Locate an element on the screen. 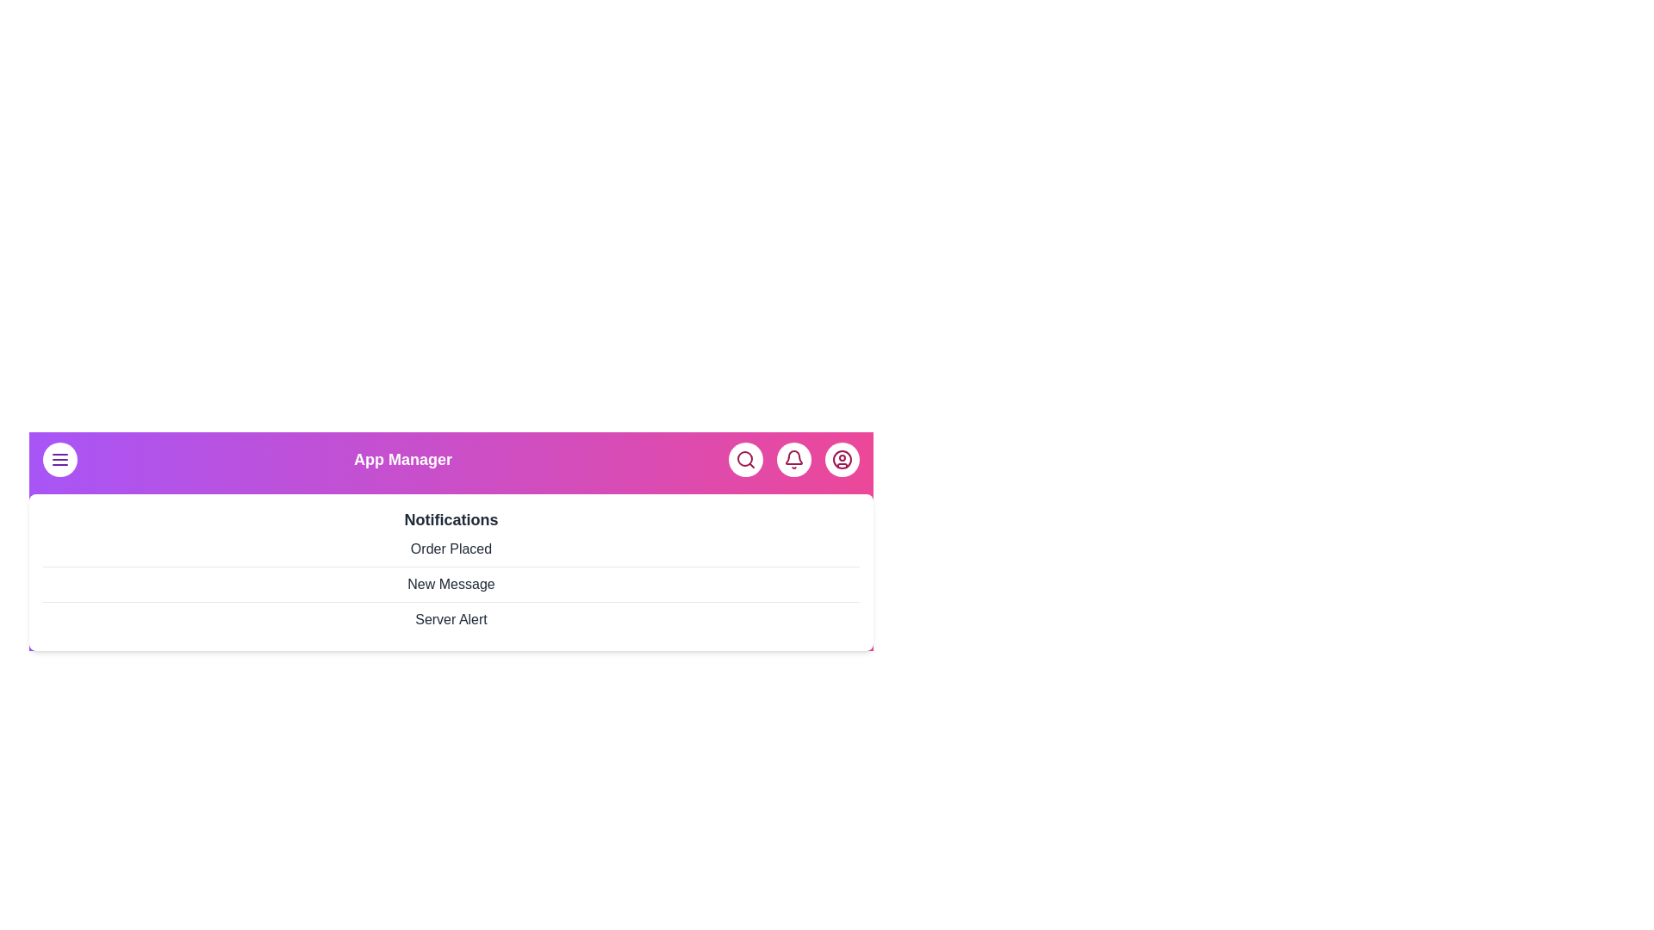  the notification item Order Placed from the list is located at coordinates (451, 549).